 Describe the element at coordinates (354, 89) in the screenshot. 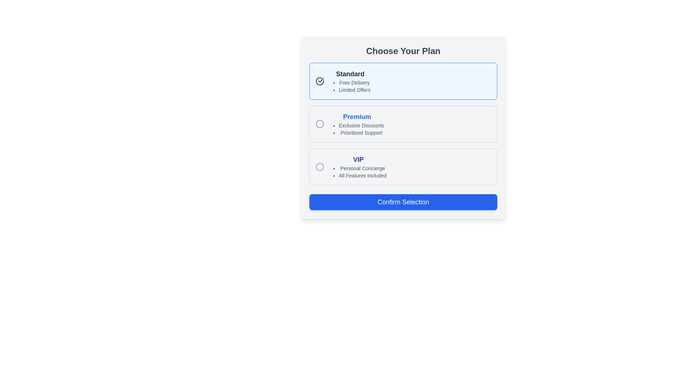

I see `the 'Limited Offers' text element, which is styled in gray and located under the 'Standard' plan, directly below 'Free Delivery'` at that location.